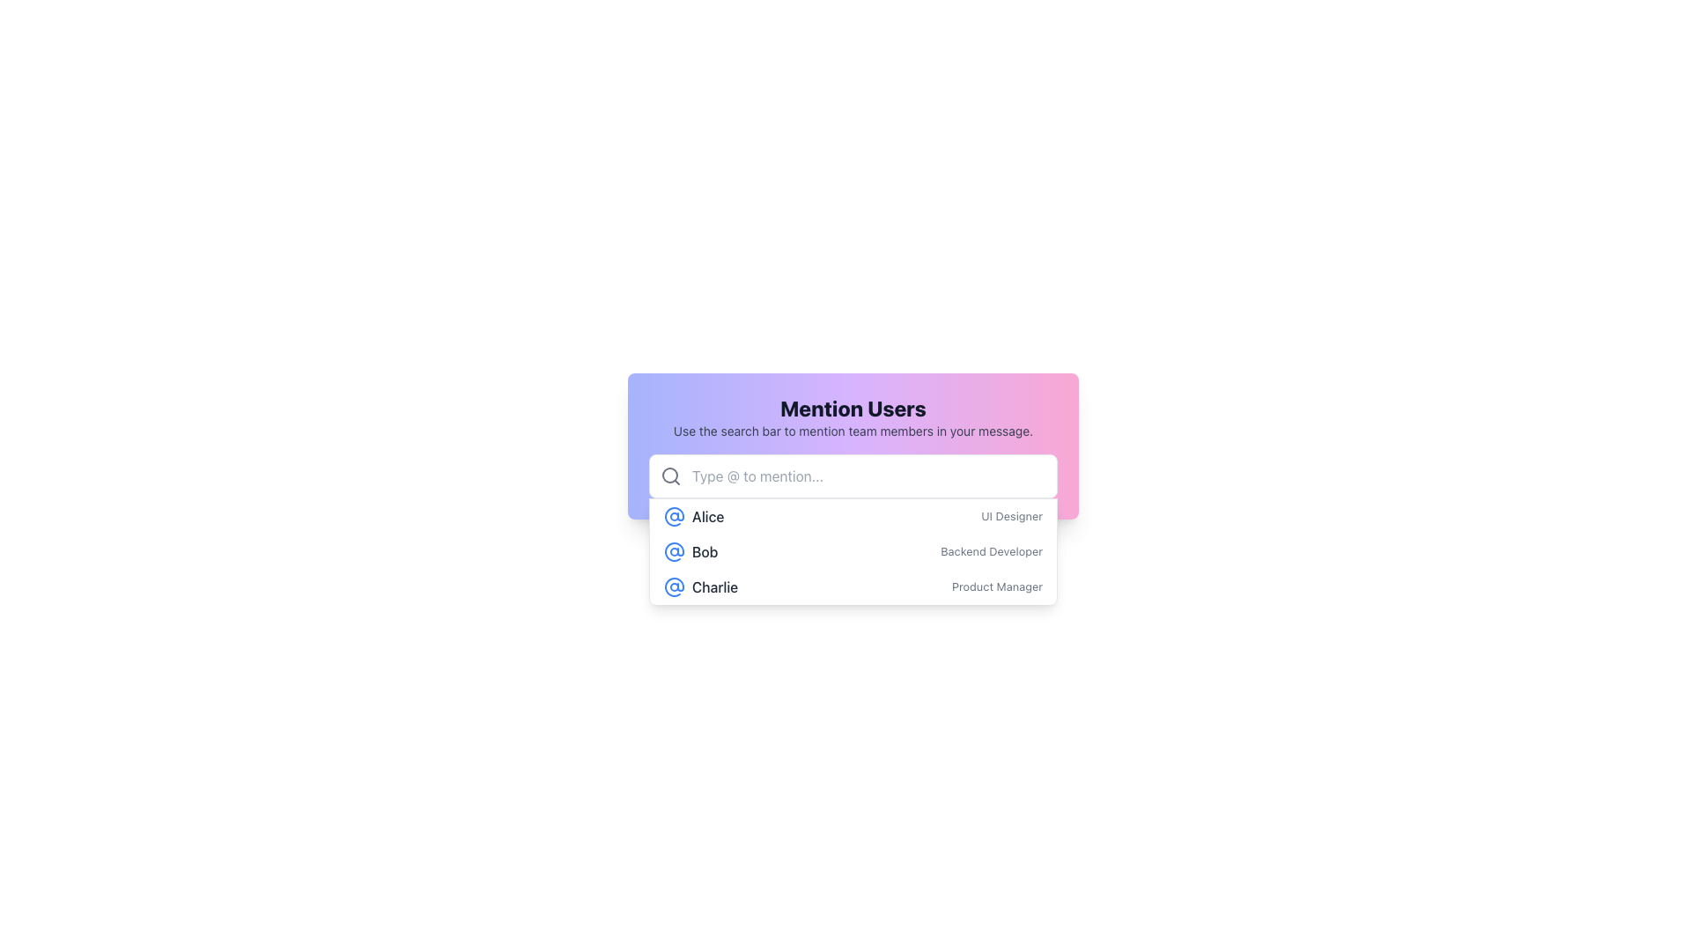  What do you see at coordinates (674, 551) in the screenshot?
I see `the '@' icon with a blue outline located to the left of the text 'Bob' to trigger a tooltip or highlight effect` at bounding box center [674, 551].